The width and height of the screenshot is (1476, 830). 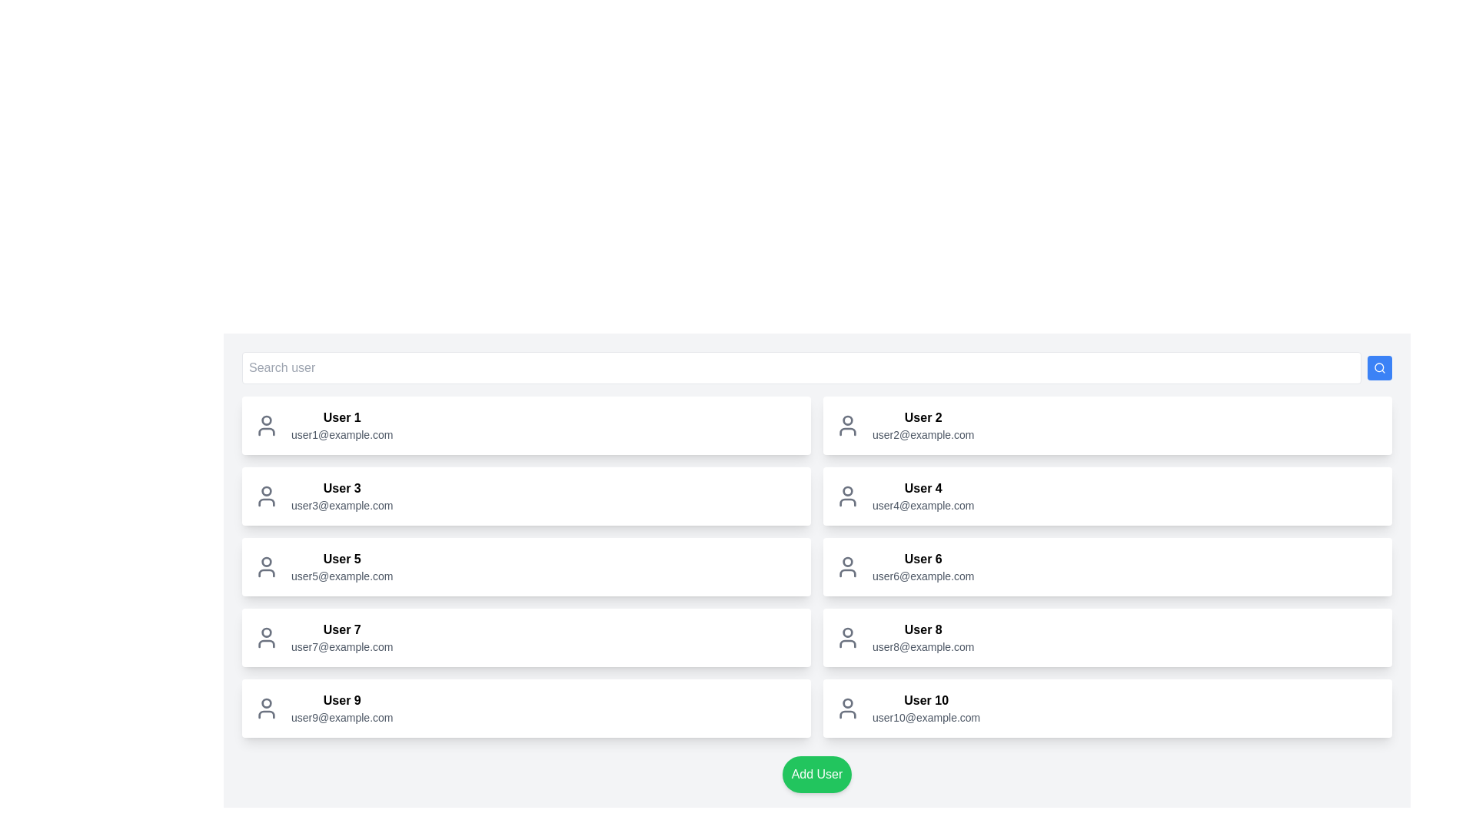 I want to click on text displayed prominently as 'User 9' in the last row of the user entries list, which serves as the main identifier, so click(x=341, y=700).